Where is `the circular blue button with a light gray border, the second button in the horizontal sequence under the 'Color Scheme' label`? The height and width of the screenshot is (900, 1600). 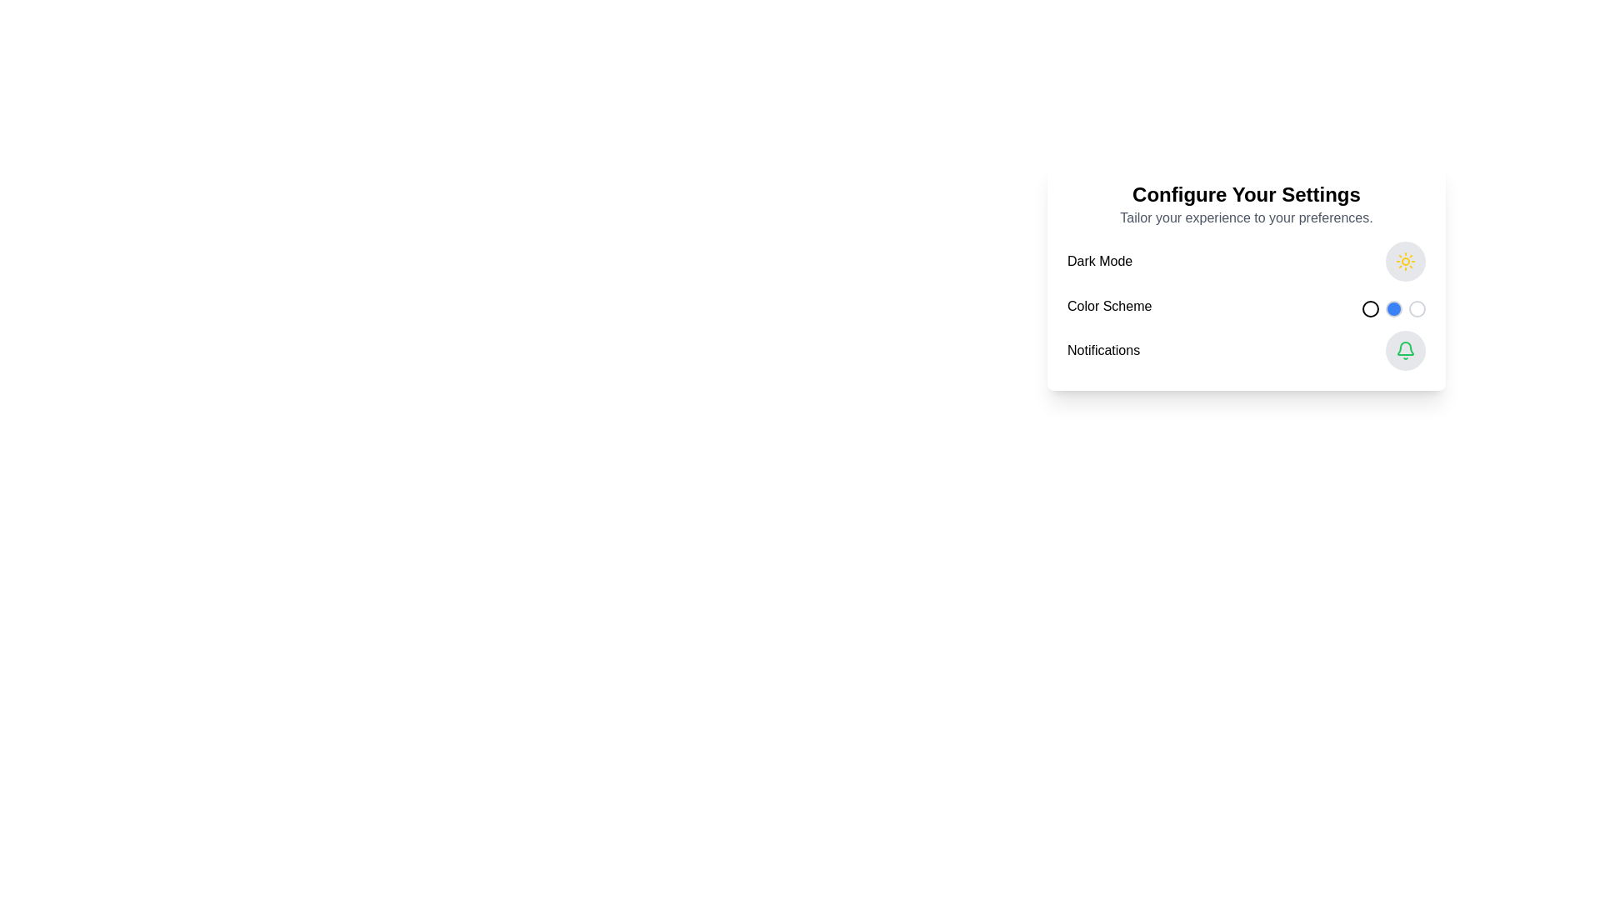
the circular blue button with a light gray border, the second button in the horizontal sequence under the 'Color Scheme' label is located at coordinates (1394, 308).